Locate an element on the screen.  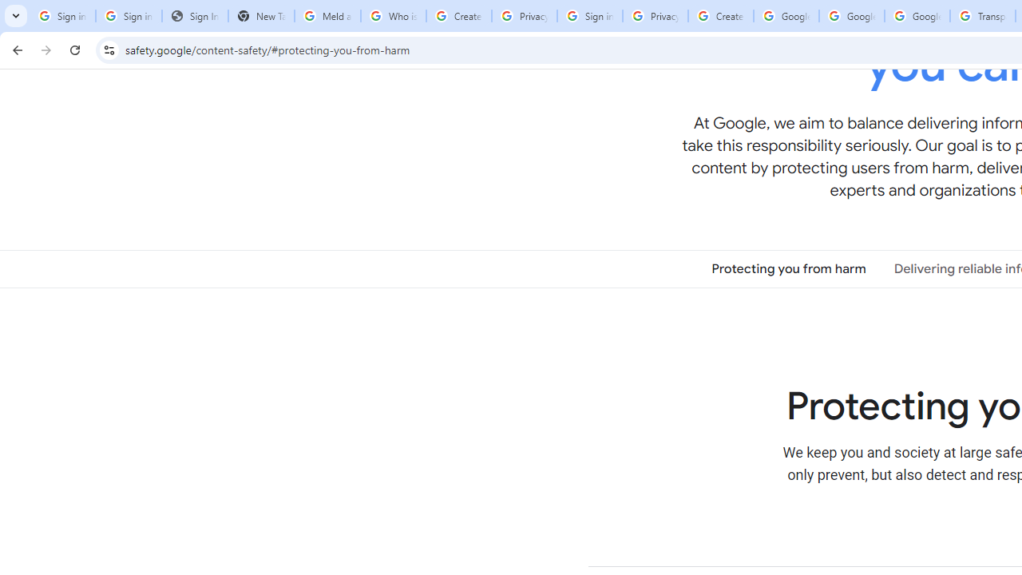
'New Tab' is located at coordinates (261, 16).